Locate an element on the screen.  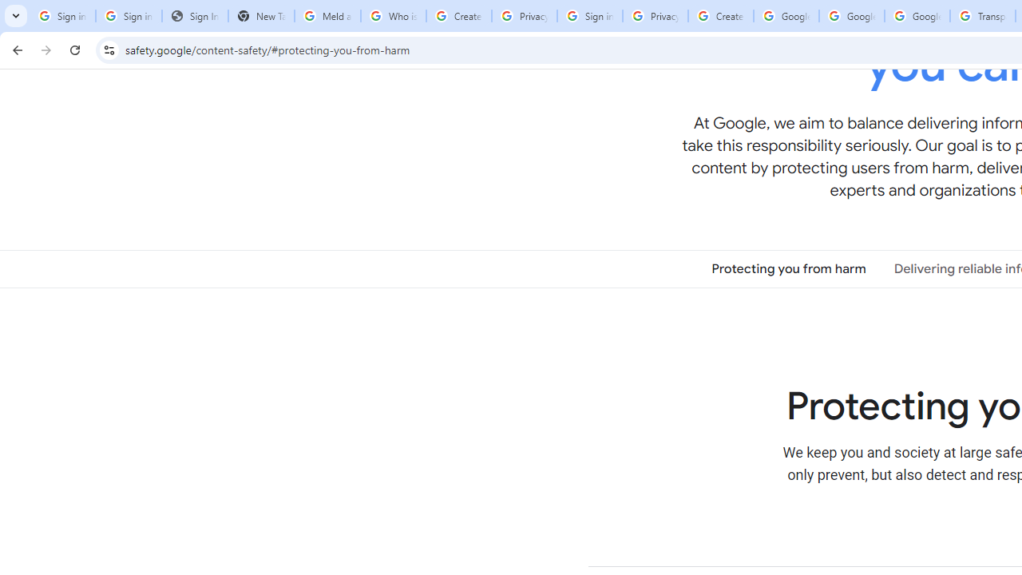
'New Tab' is located at coordinates (261, 16).